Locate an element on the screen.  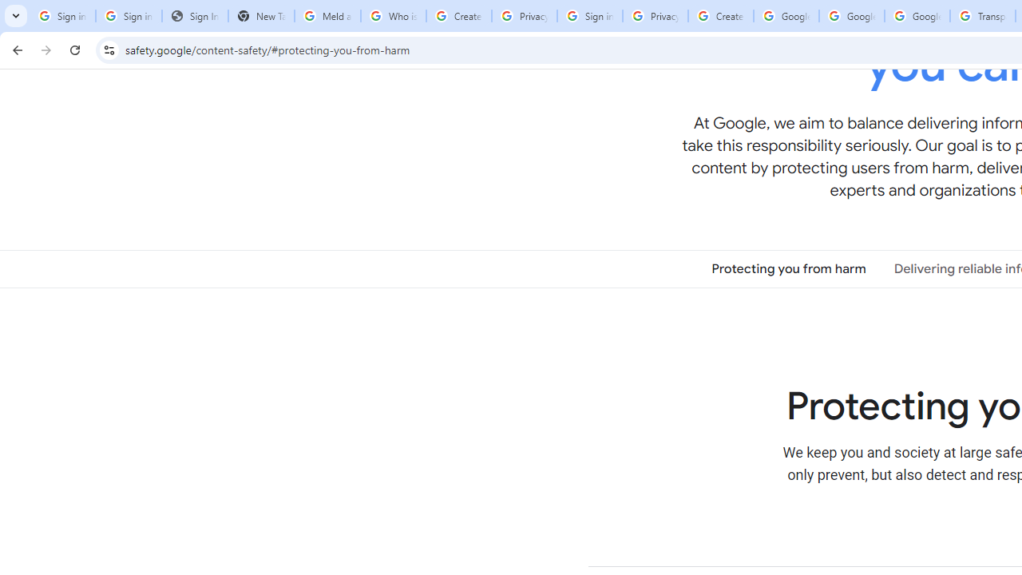
'New Tab' is located at coordinates (261, 16).